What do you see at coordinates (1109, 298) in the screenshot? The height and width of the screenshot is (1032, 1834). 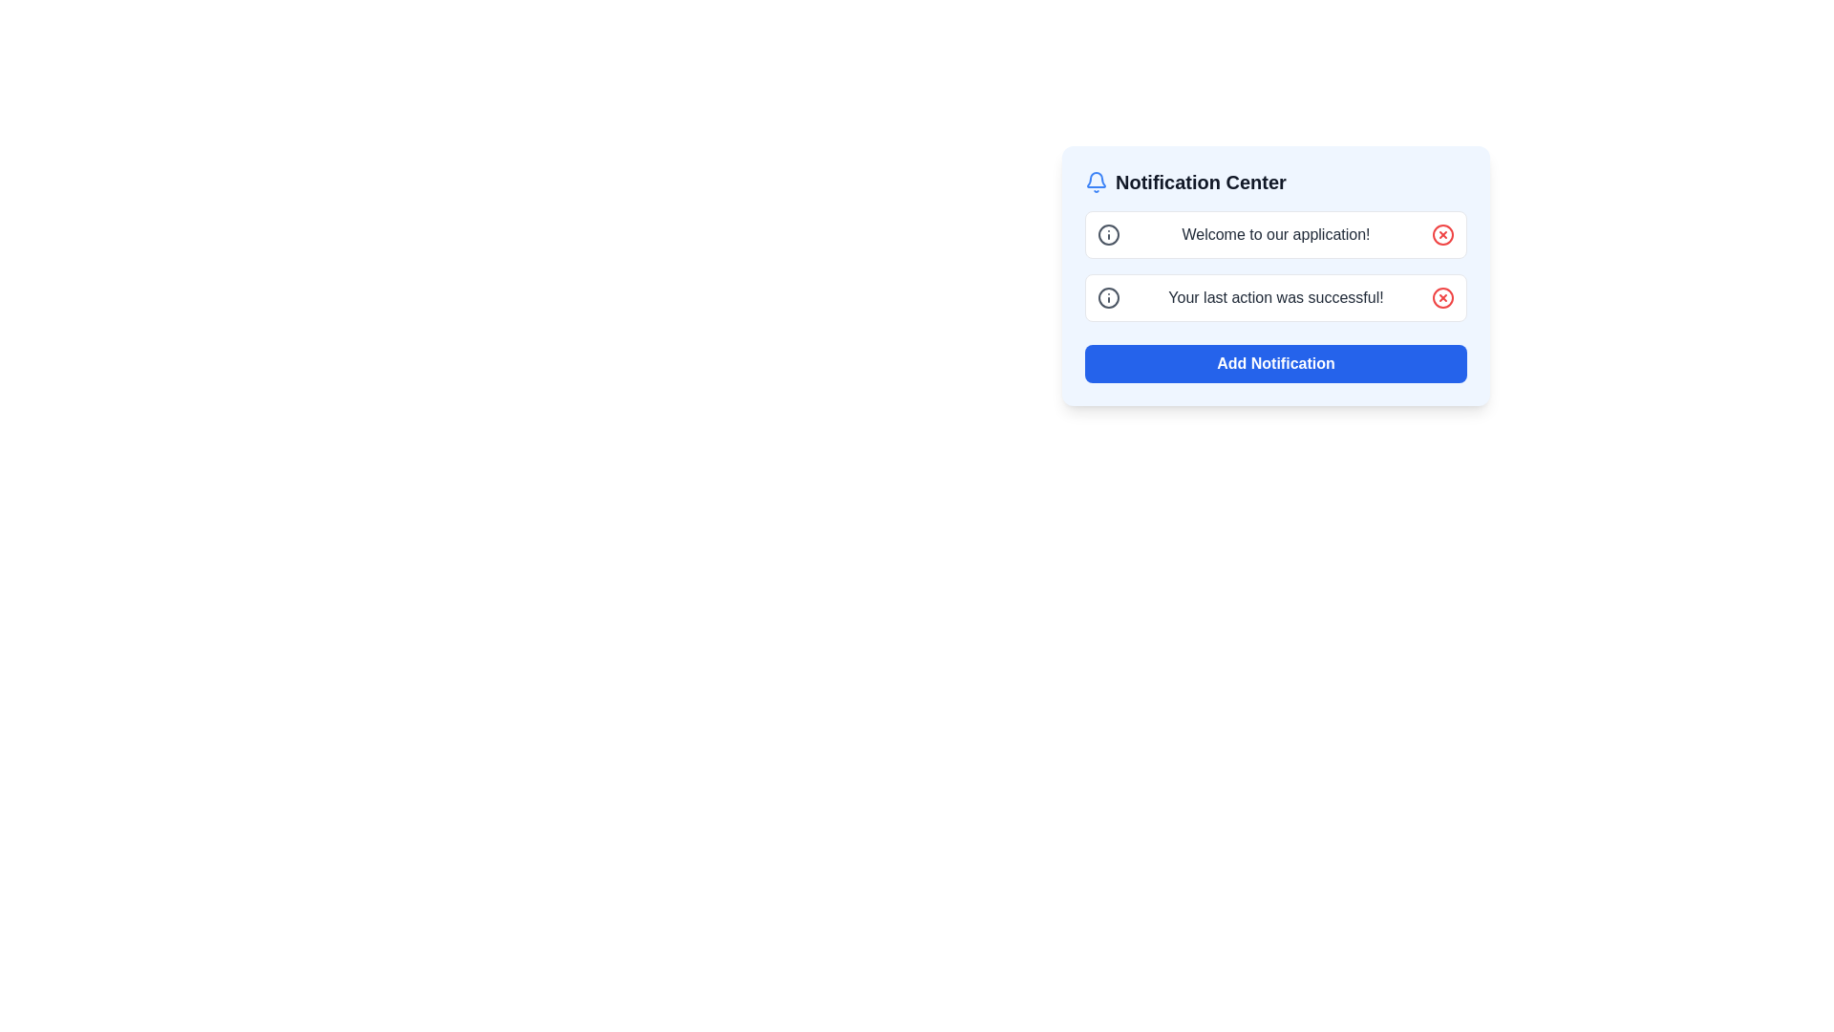 I see `the informational icon located near the beginning of the second notification box, just left of the text 'Your last action was successful!'` at bounding box center [1109, 298].